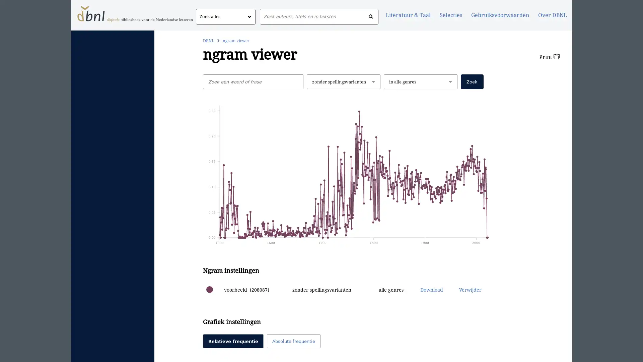  I want to click on Absolute frequentie, so click(293, 341).